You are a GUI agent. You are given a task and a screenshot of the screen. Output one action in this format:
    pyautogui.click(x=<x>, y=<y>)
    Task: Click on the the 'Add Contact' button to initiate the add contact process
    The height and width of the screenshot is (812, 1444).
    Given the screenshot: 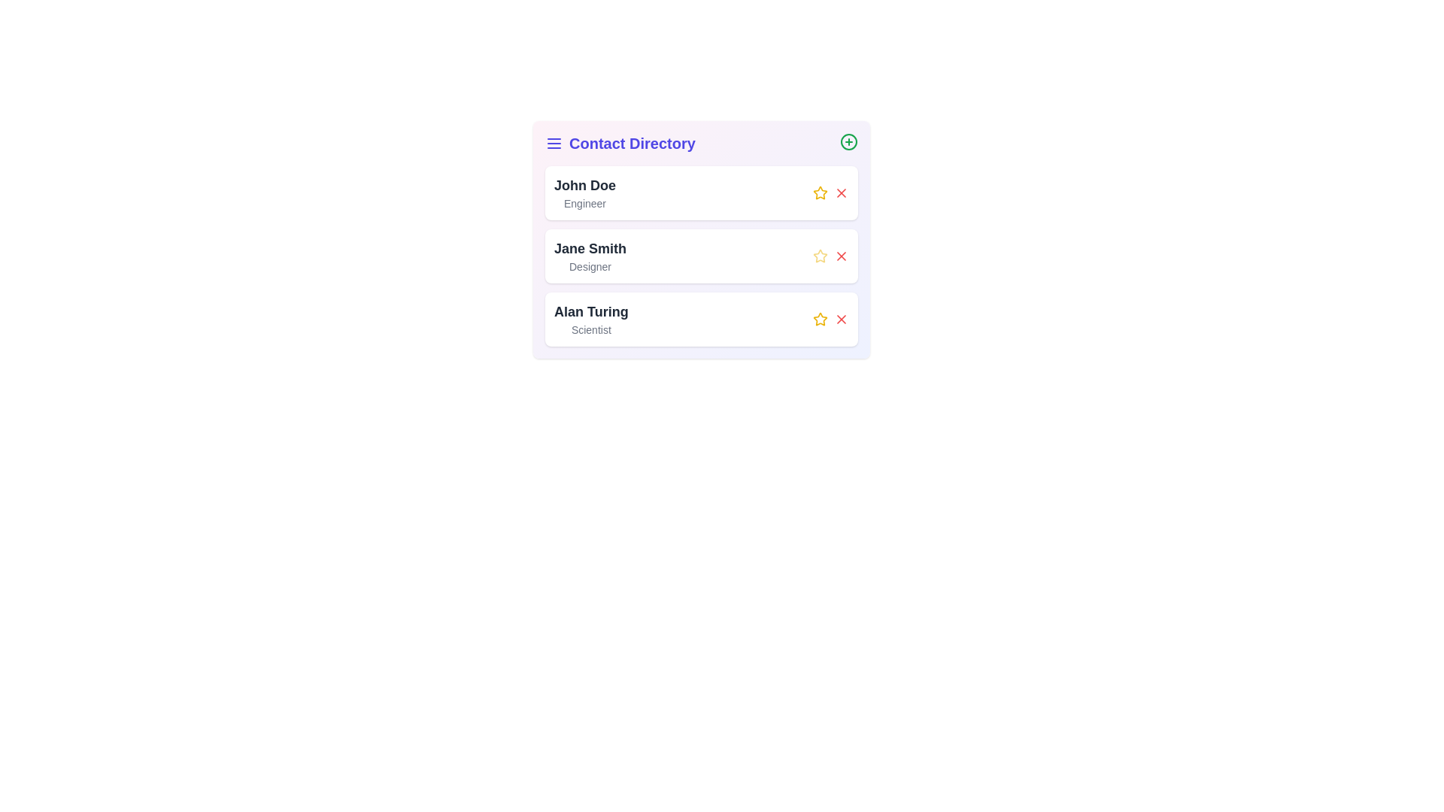 What is the action you would take?
    pyautogui.click(x=848, y=142)
    